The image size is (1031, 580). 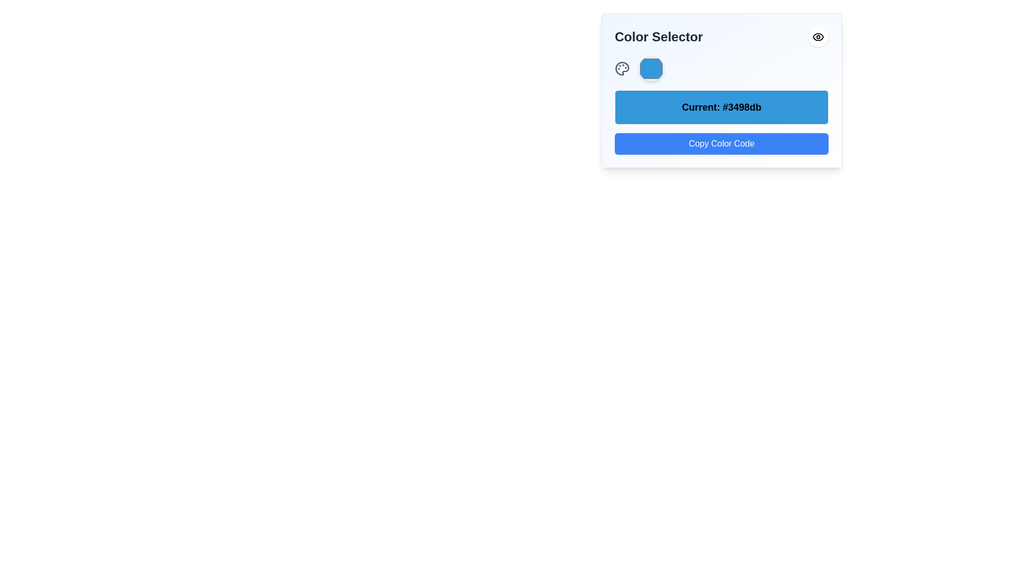 What do you see at coordinates (622, 68) in the screenshot?
I see `the painter's palette icon, which is the first element in the horizontal group below the 'Color Selector' header` at bounding box center [622, 68].